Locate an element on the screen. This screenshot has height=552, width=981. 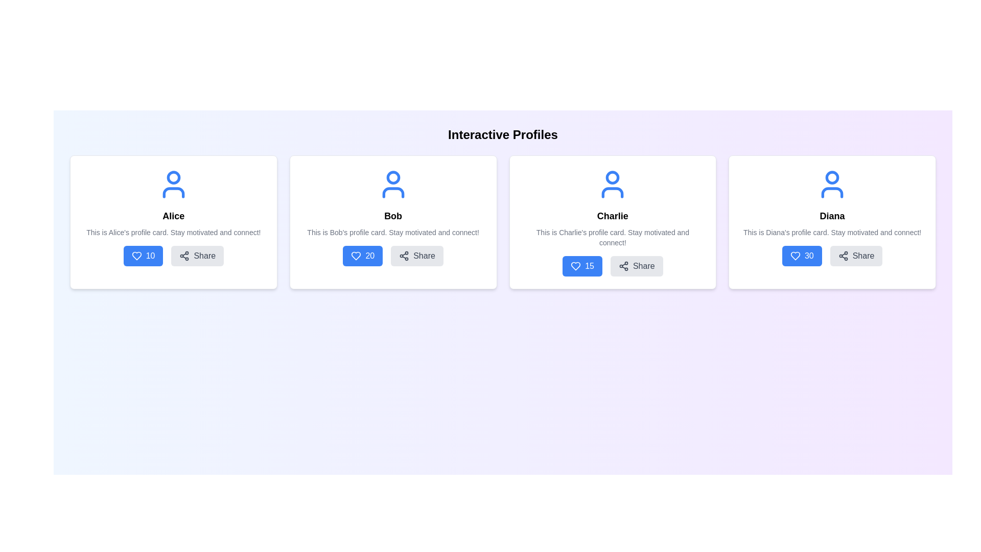
the share icon located within the 'Share' button in Bob's profile card is located at coordinates (404, 256).